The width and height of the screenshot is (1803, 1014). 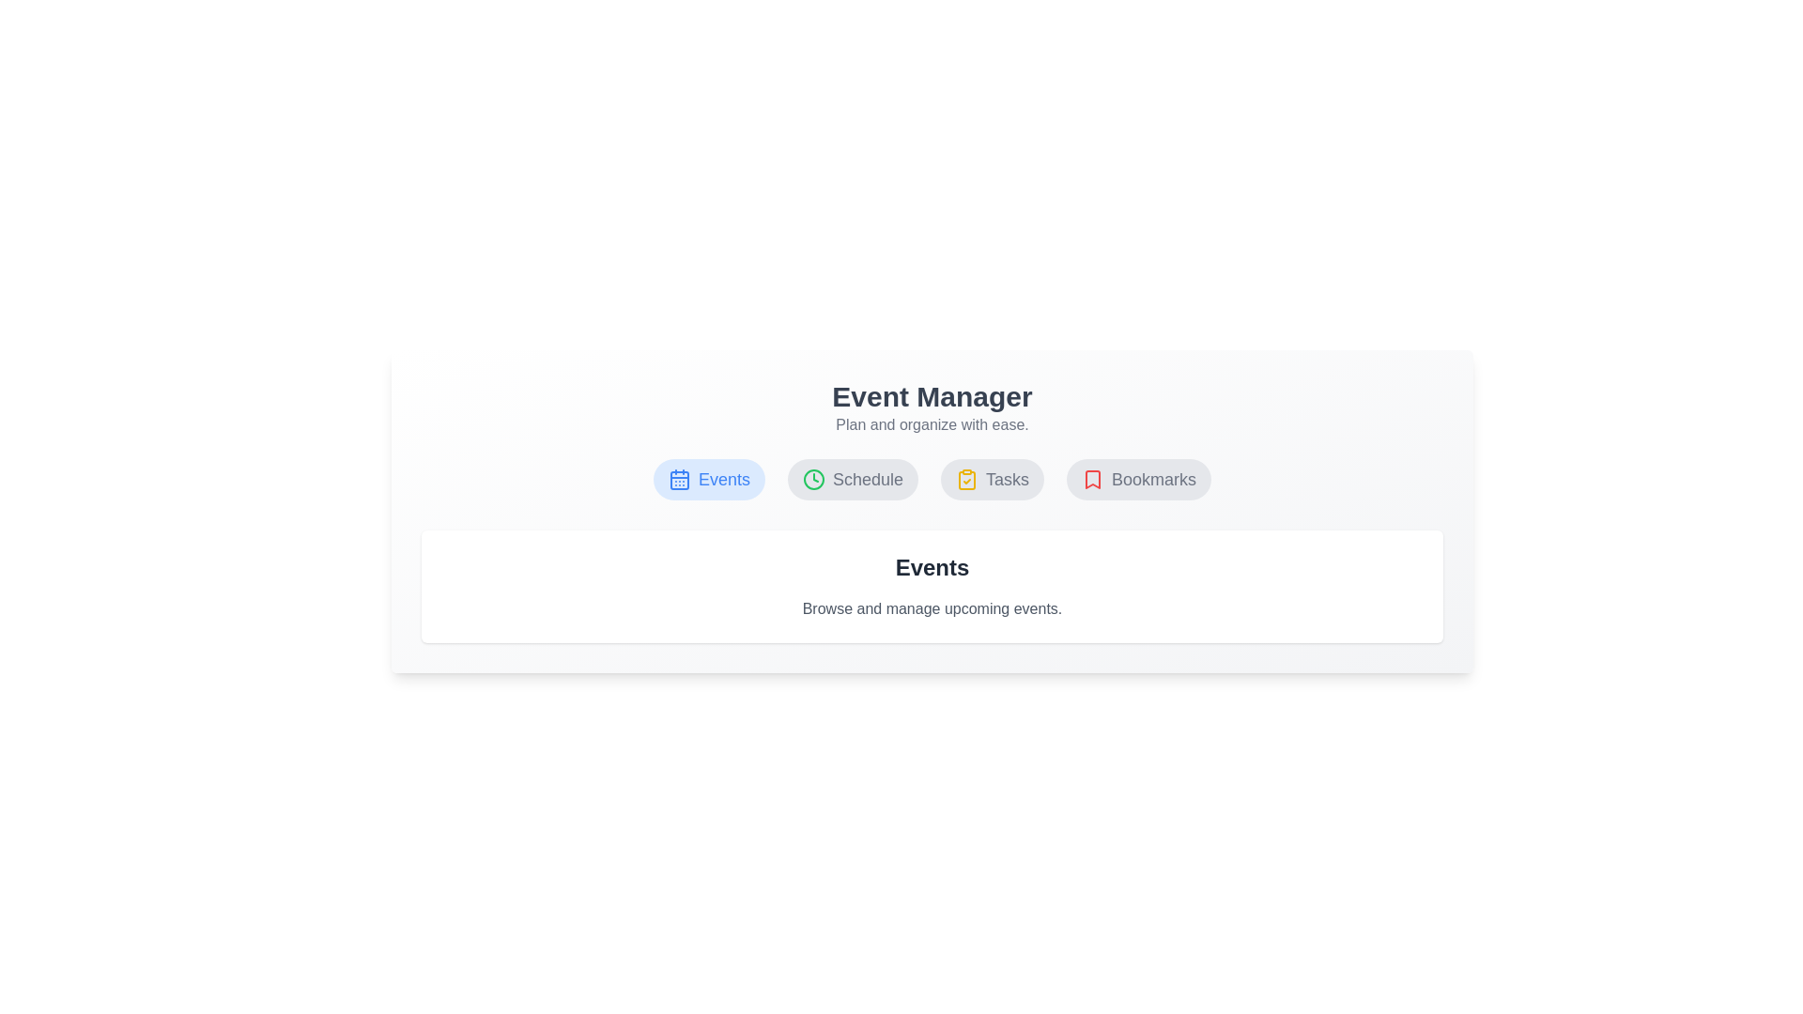 I want to click on the tab labeled Schedule, so click(x=851, y=478).